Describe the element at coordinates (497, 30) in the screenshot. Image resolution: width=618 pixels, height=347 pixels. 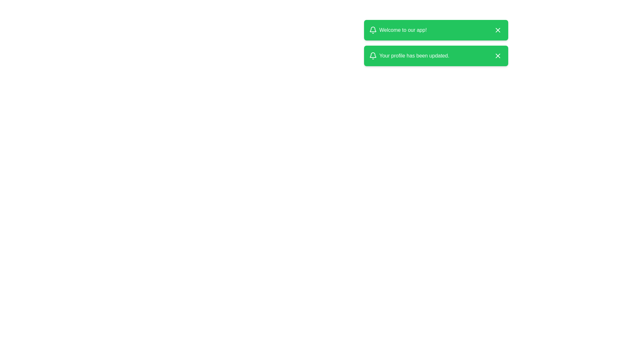
I see `the close button at the top-right of the notification bar to trigger a visual response` at that location.